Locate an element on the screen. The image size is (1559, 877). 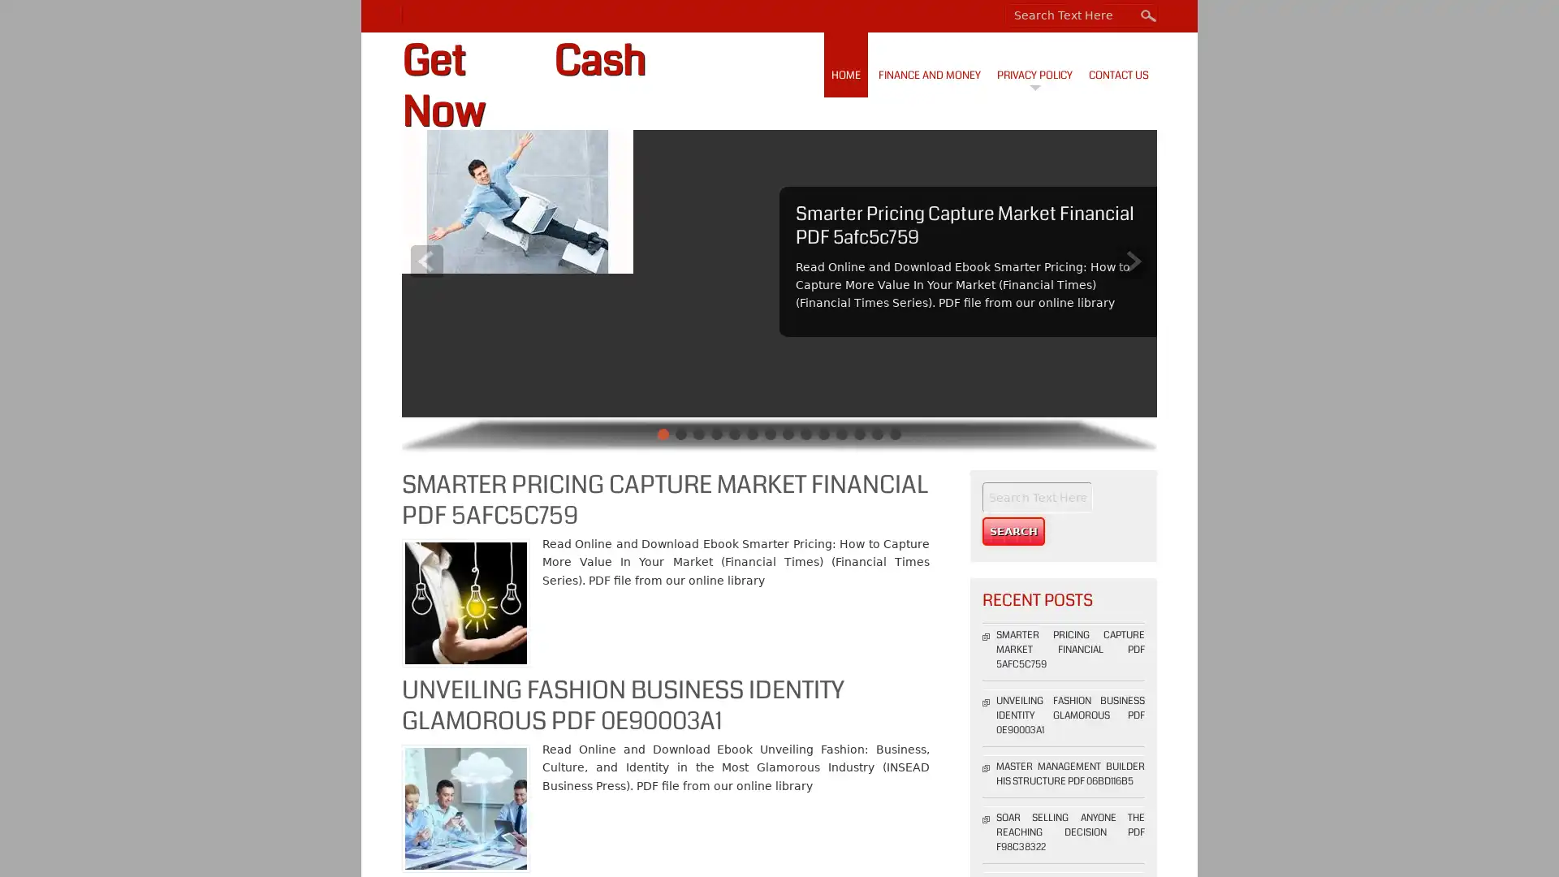
Search is located at coordinates (1013, 531).